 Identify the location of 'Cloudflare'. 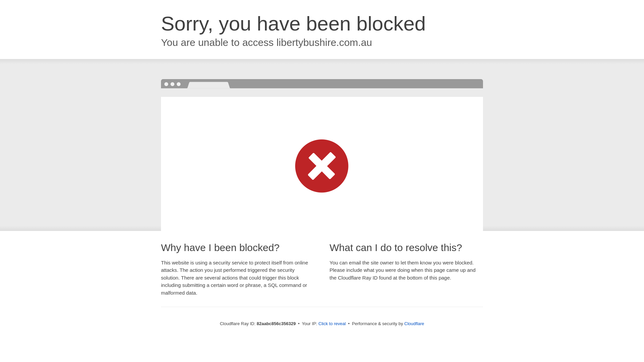
(404, 323).